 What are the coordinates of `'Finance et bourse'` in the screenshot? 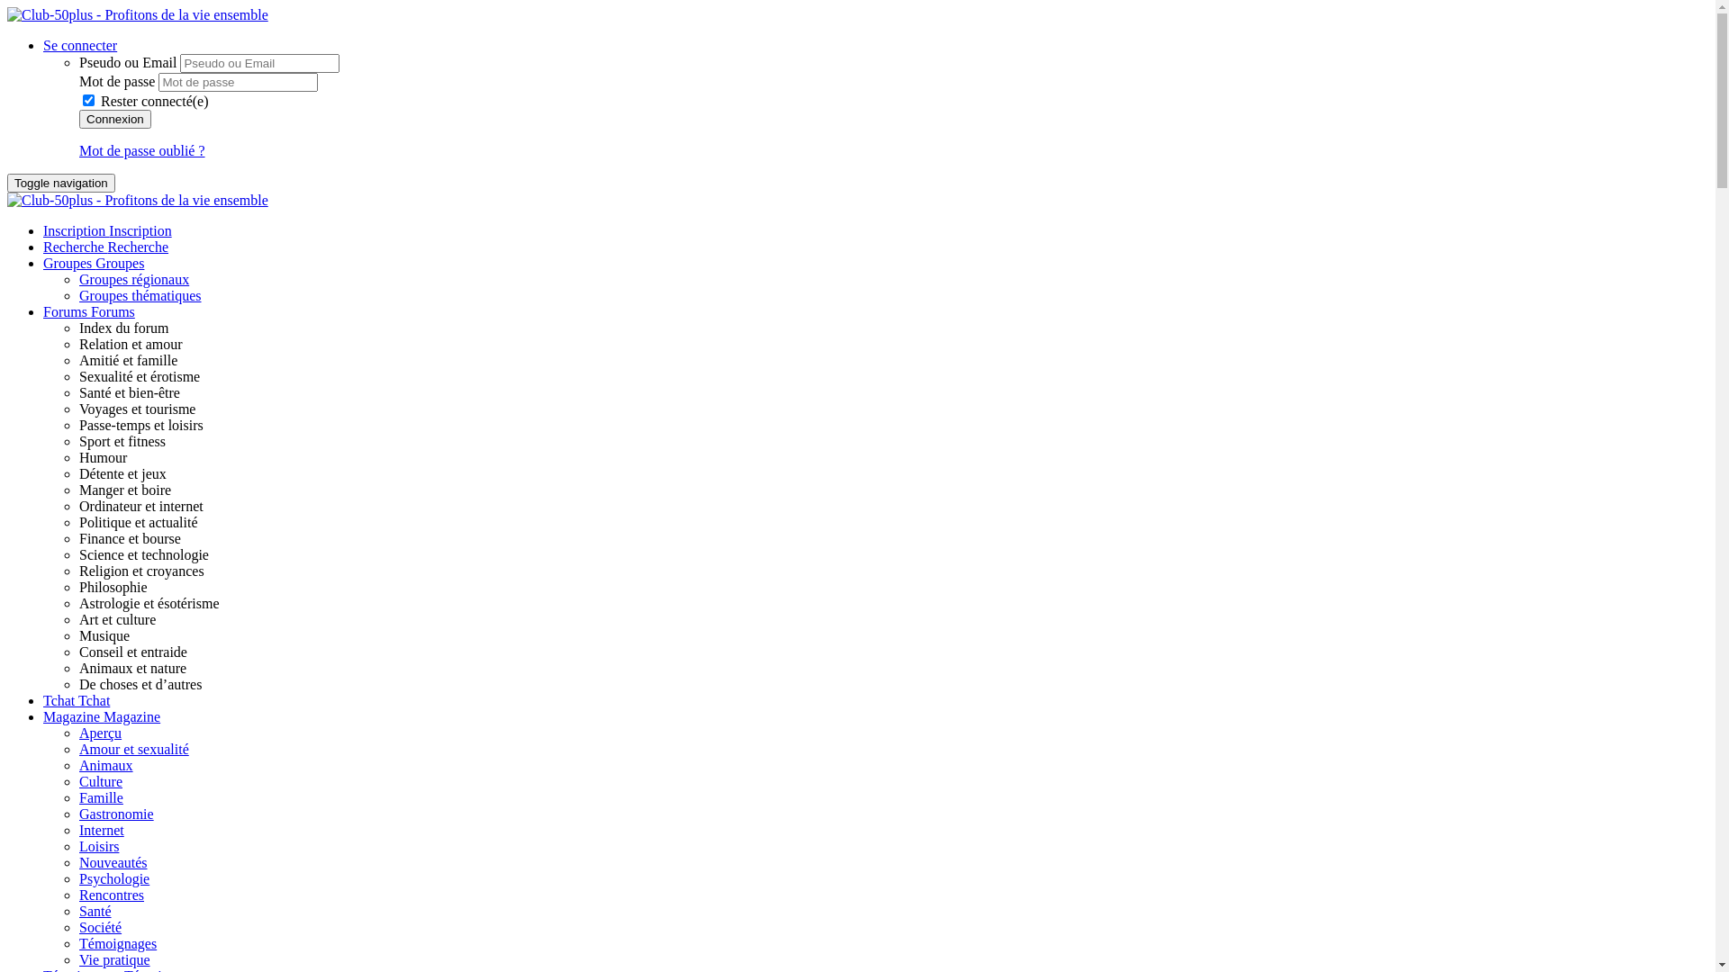 It's located at (77, 537).